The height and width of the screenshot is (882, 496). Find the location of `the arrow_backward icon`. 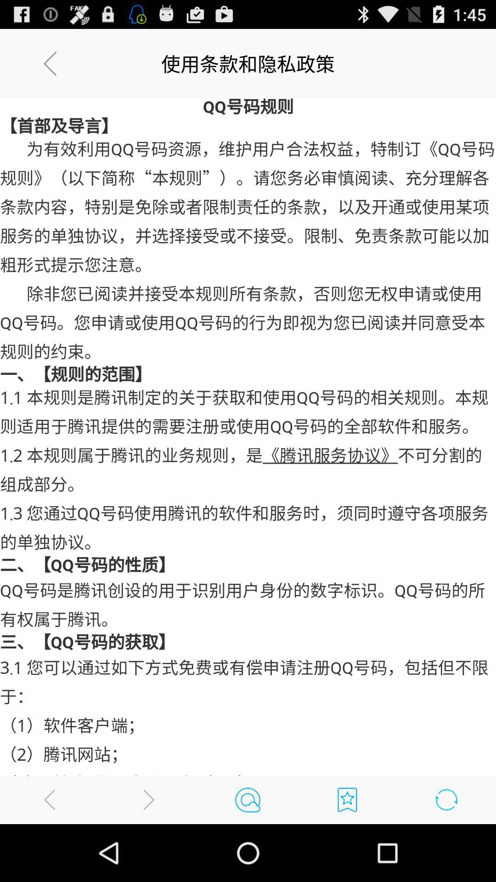

the arrow_backward icon is located at coordinates (50, 855).